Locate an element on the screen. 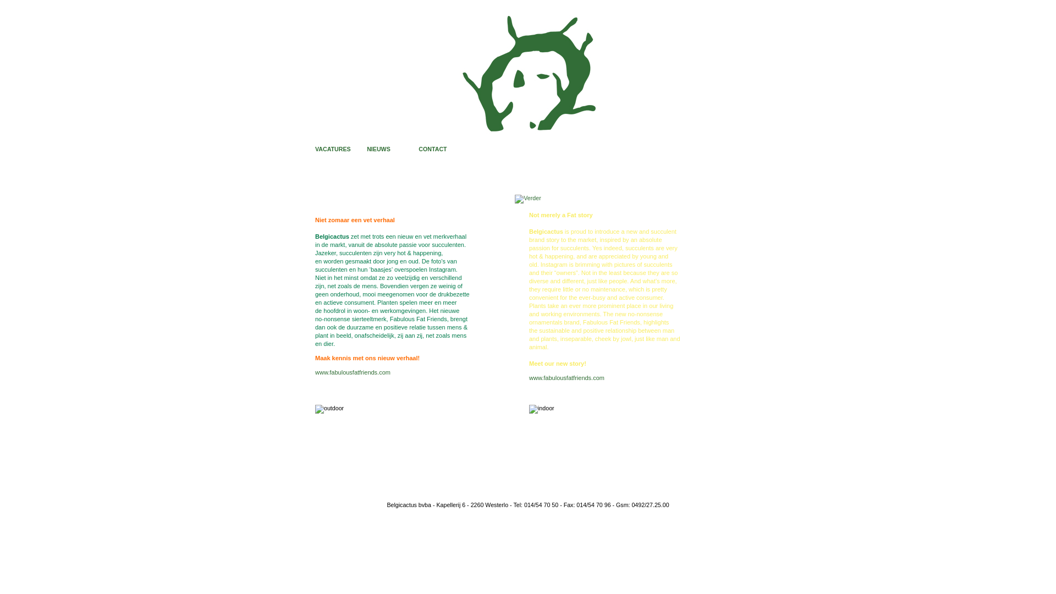 The image size is (1056, 594). 'www.fabulousfatfriends.com' is located at coordinates (353, 372).